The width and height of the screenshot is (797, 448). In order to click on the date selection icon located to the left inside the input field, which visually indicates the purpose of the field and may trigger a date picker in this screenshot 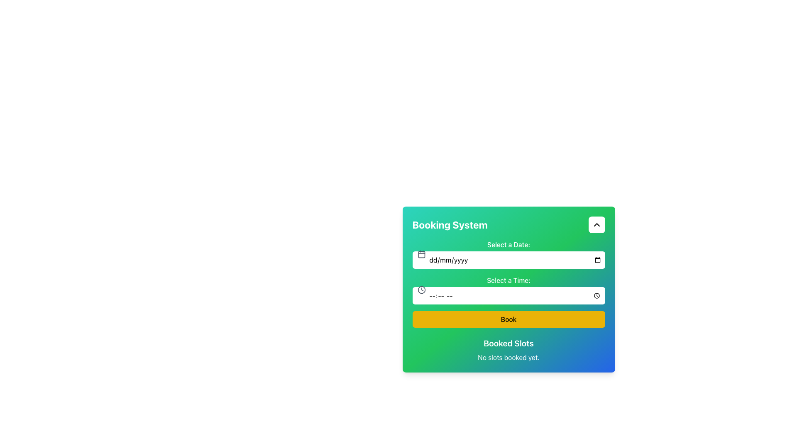, I will do `click(421, 253)`.